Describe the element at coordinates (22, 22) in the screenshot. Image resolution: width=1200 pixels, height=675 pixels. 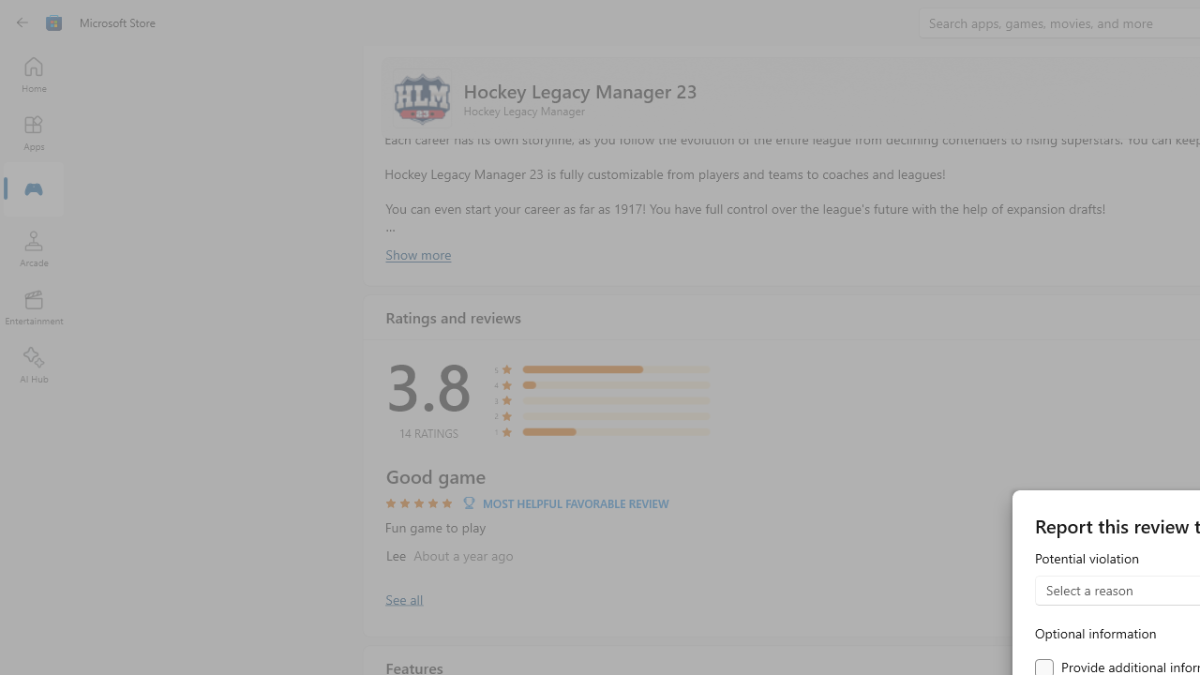
I see `'Back'` at that location.